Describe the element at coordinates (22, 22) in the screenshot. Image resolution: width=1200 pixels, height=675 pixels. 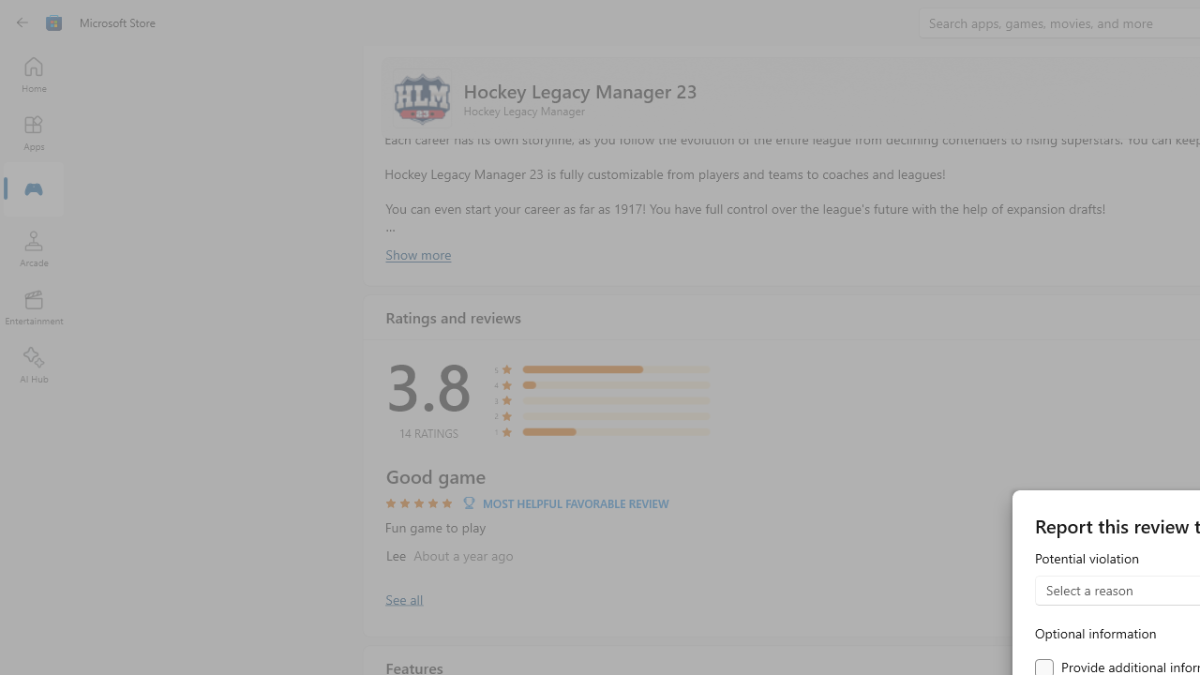
I see `'Back'` at that location.